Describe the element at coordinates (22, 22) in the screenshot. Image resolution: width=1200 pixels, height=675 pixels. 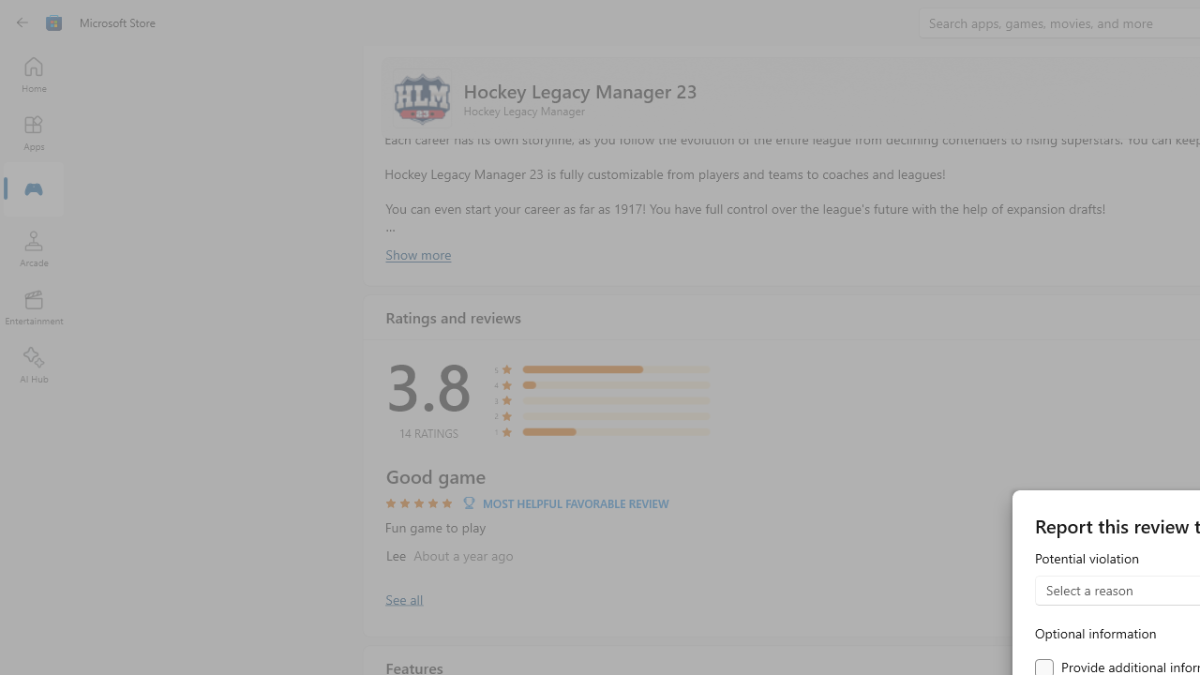
I see `'Back'` at that location.